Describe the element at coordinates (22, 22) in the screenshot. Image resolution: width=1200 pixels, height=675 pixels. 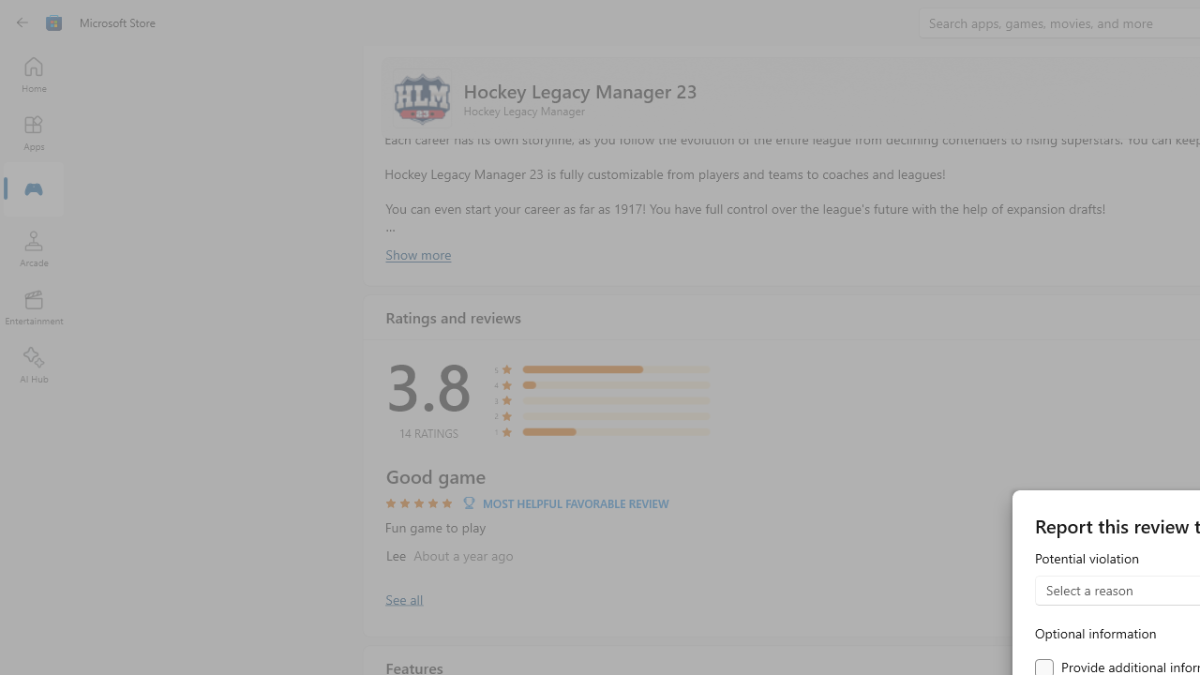
I see `'Back'` at that location.